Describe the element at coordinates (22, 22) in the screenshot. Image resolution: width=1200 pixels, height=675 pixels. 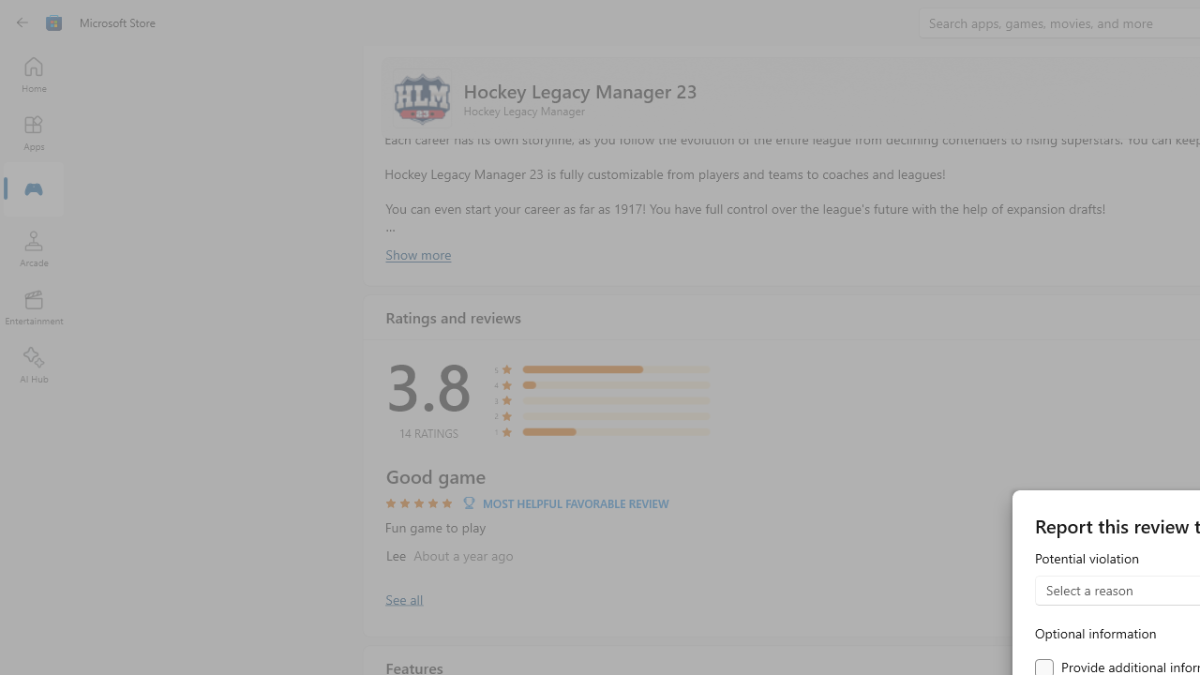
I see `'Back'` at that location.